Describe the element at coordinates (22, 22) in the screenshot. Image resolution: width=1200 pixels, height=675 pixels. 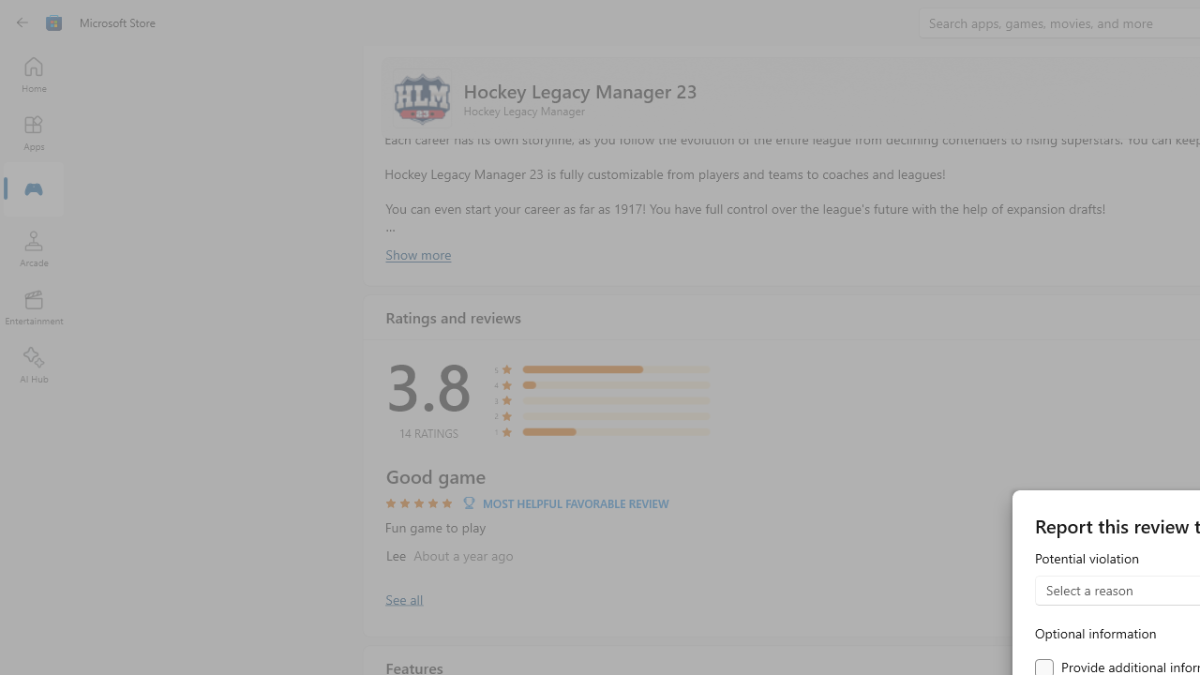
I see `'Back'` at that location.